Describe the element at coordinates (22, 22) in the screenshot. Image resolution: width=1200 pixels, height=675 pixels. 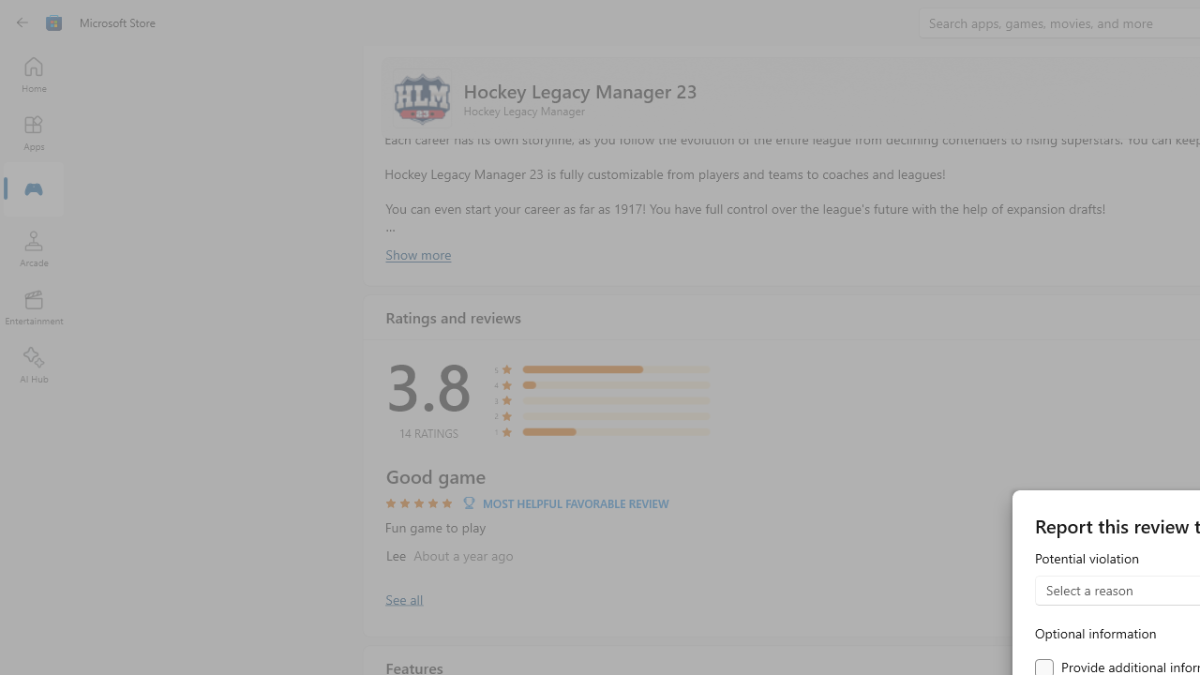
I see `'Back'` at that location.